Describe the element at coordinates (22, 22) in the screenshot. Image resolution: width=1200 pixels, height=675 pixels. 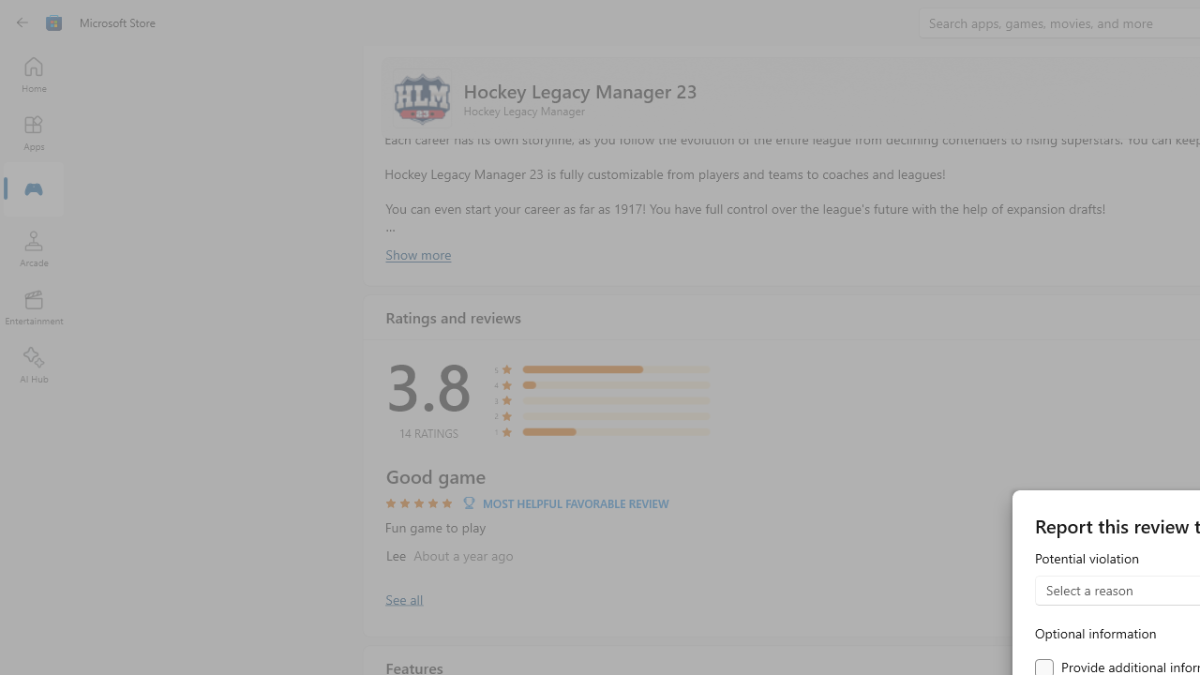
I see `'Back'` at that location.